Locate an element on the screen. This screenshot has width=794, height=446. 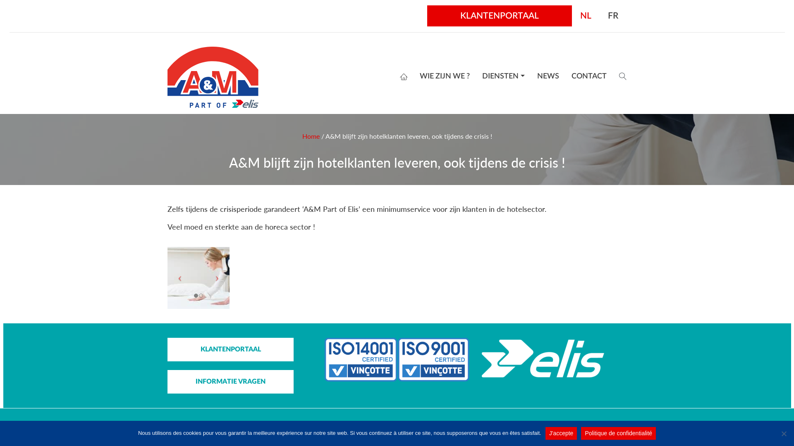
'No' is located at coordinates (783, 433).